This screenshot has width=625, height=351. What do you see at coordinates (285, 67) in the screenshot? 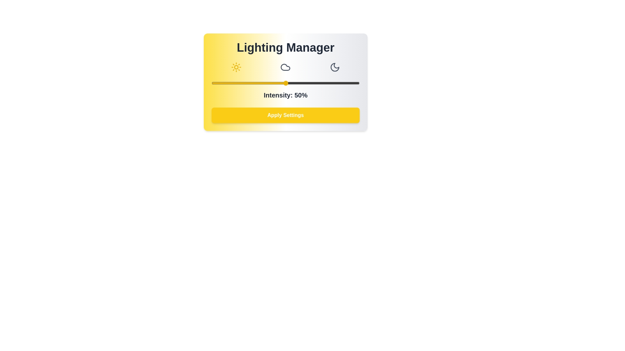
I see `the Neutral lighting mode button` at bounding box center [285, 67].